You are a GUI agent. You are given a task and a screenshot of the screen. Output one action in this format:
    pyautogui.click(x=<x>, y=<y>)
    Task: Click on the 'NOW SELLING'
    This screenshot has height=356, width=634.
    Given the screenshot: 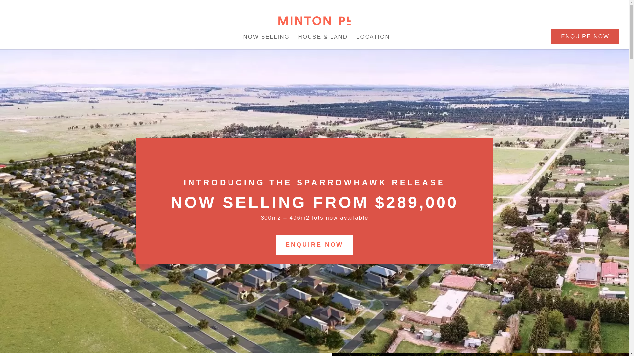 What is the action you would take?
    pyautogui.click(x=266, y=38)
    